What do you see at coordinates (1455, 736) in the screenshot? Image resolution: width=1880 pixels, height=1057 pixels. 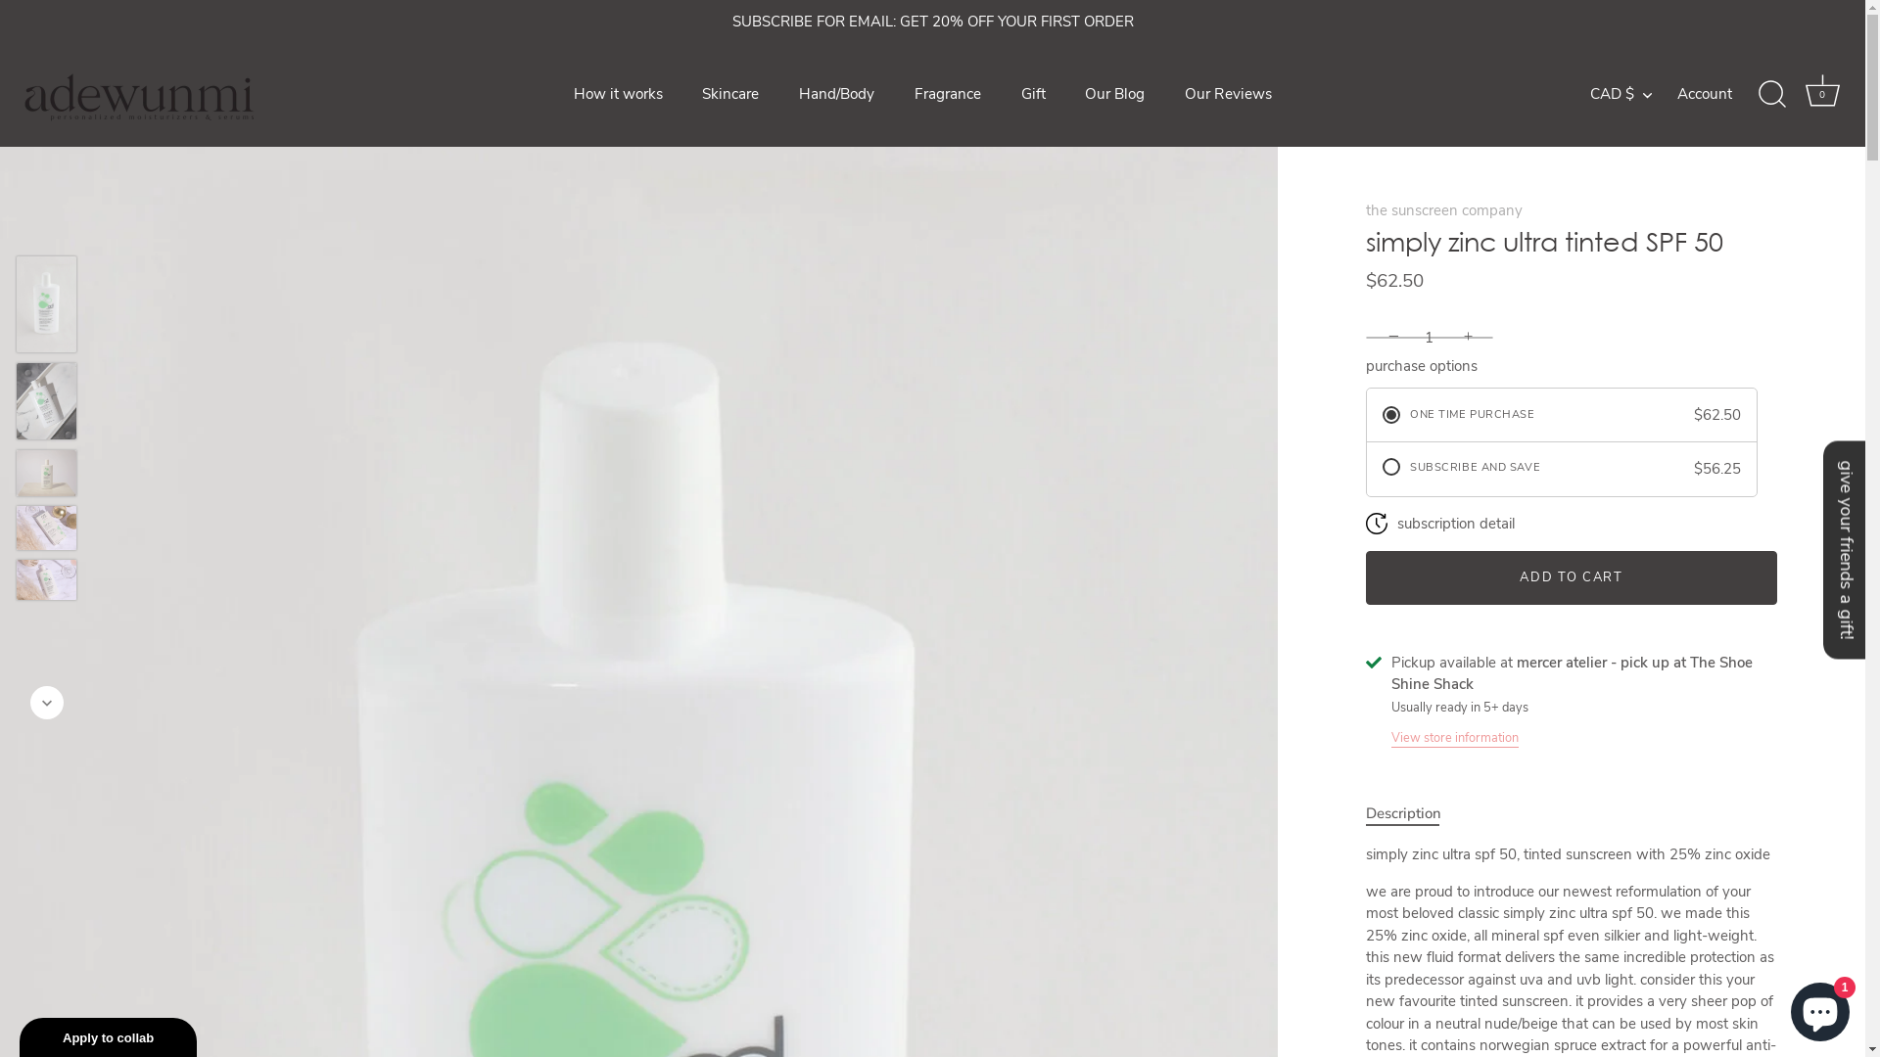 I see `'View store information'` at bounding box center [1455, 736].